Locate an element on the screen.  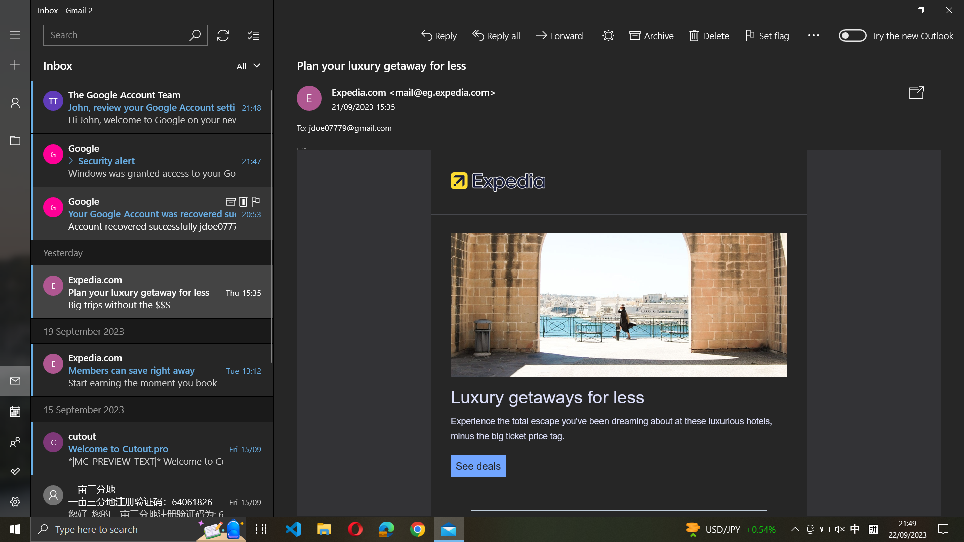
Change the status of the first email to read is located at coordinates (152, 106).